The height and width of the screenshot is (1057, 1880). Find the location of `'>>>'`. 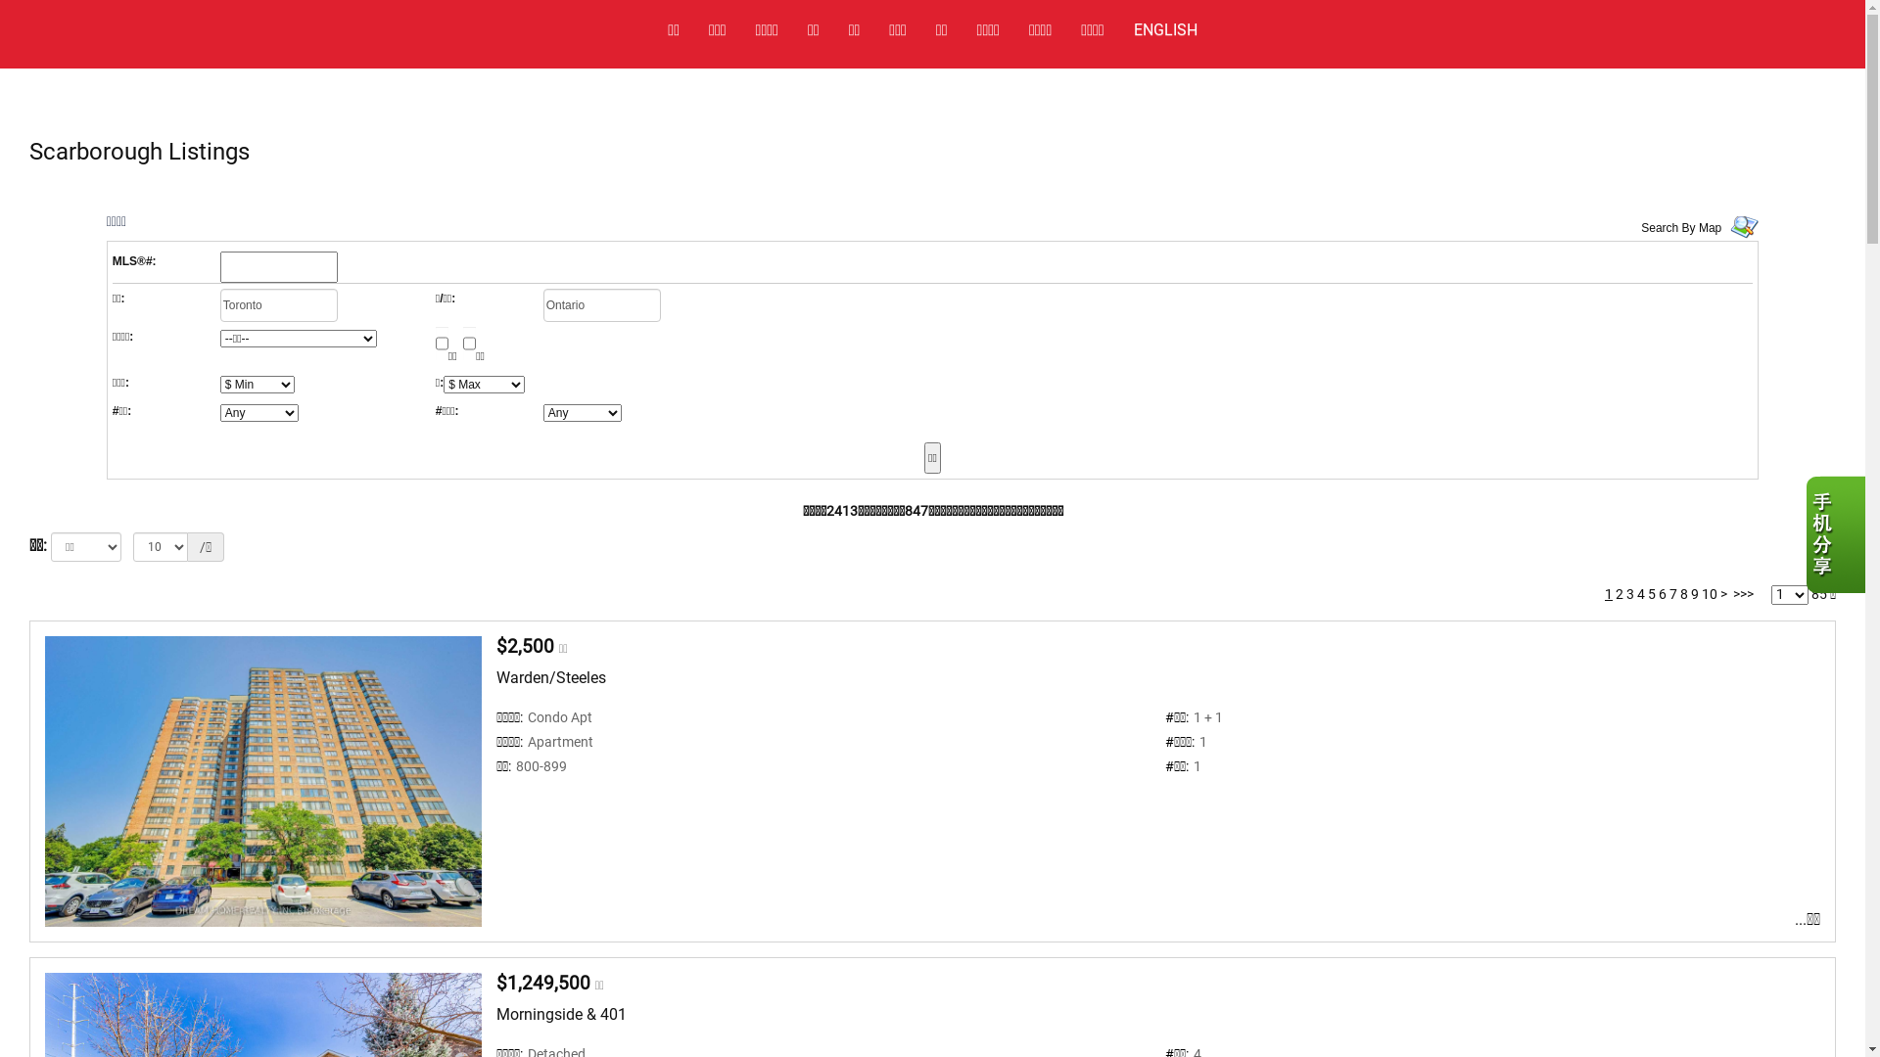

'>>>' is located at coordinates (1733, 592).